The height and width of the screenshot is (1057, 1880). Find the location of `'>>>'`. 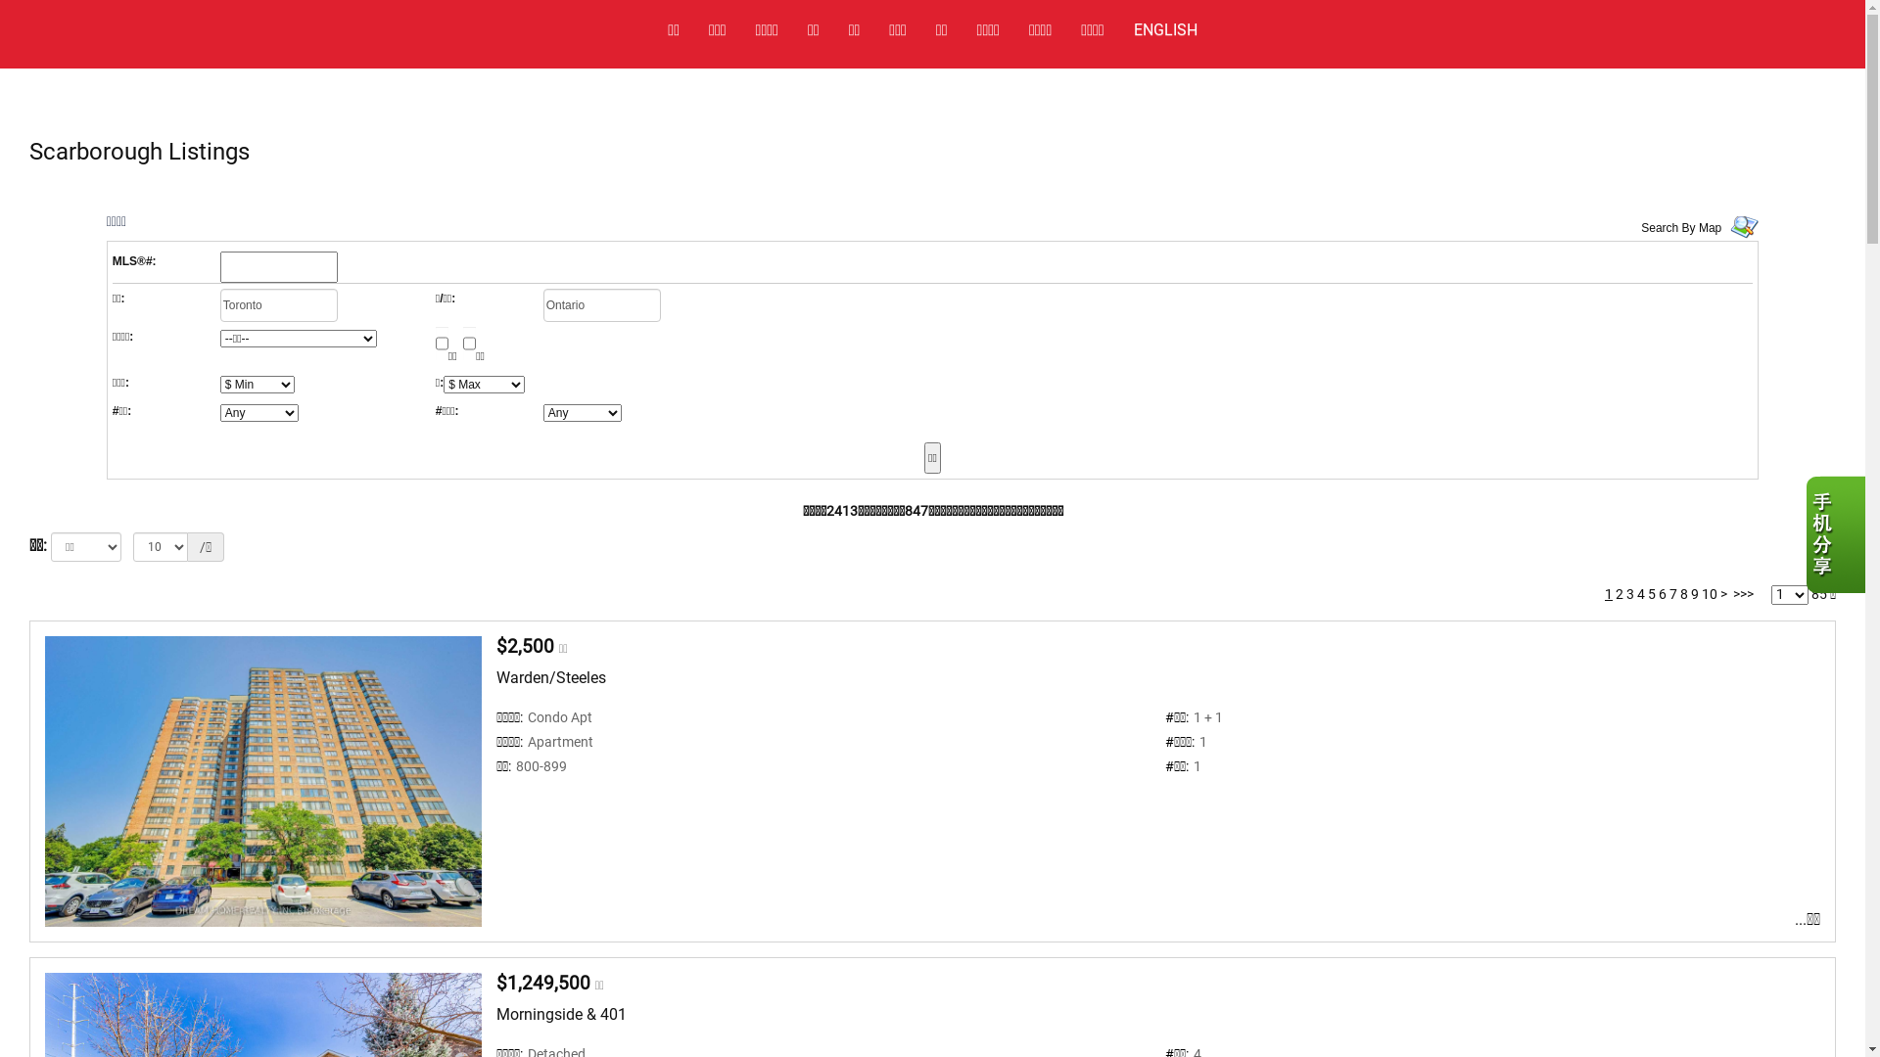

'>>>' is located at coordinates (1733, 592).